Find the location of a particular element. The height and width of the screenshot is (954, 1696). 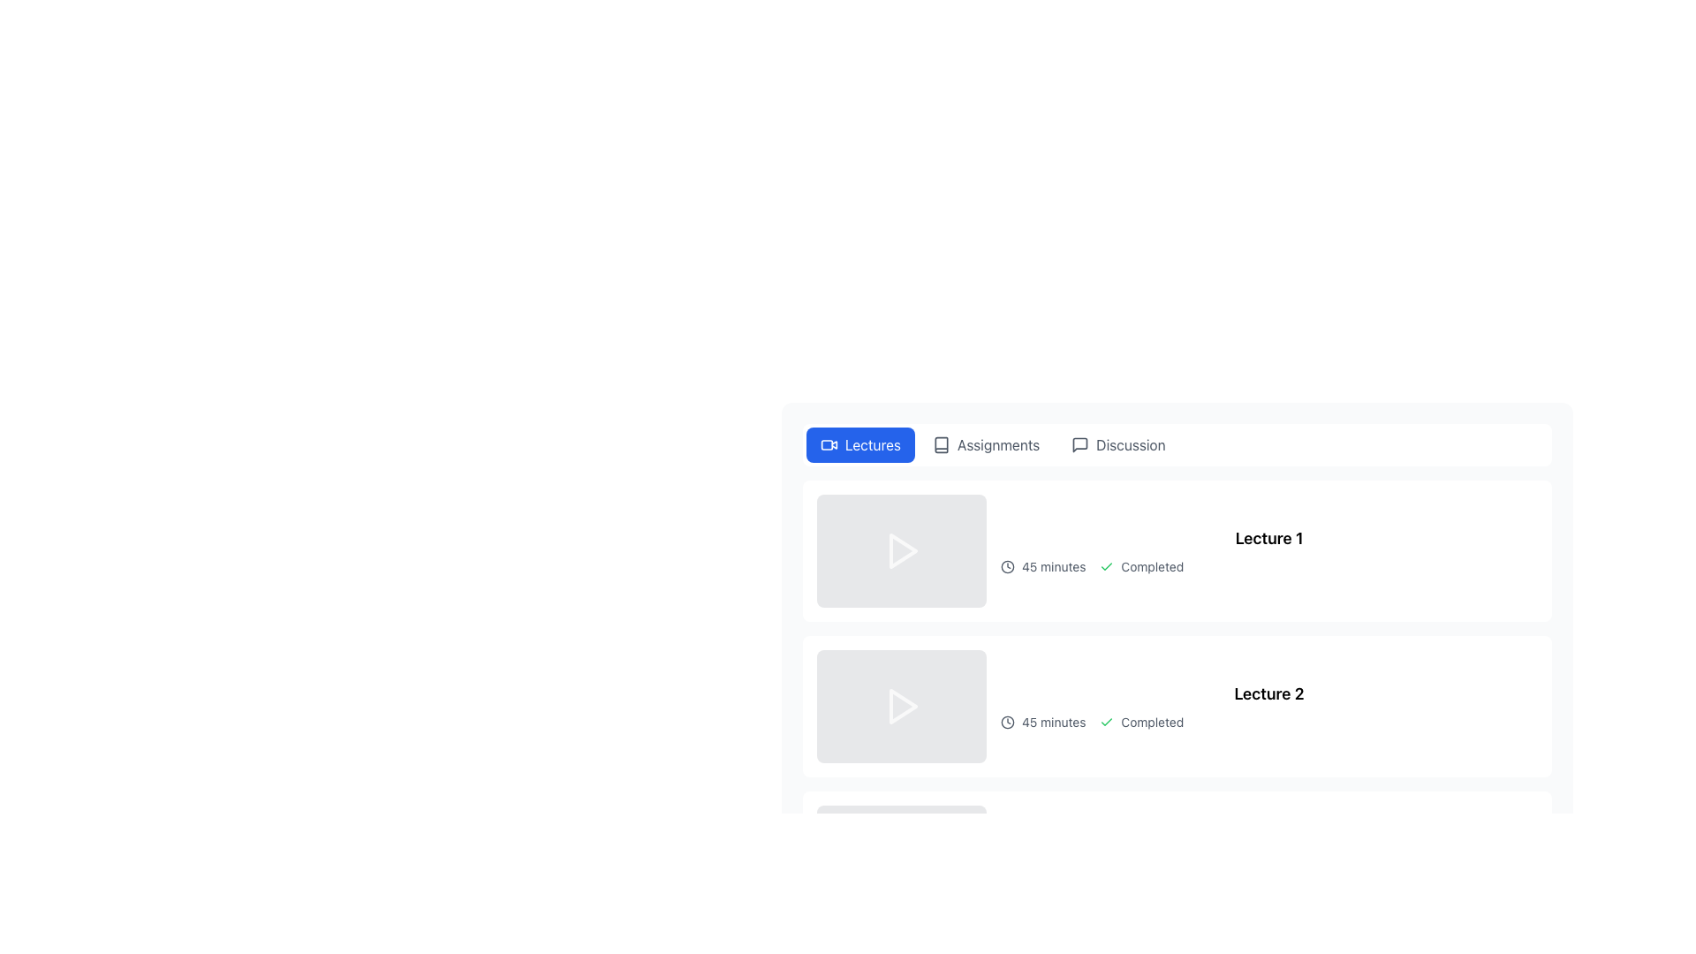

the 'Lecture 1' text label is located at coordinates (1268, 550).